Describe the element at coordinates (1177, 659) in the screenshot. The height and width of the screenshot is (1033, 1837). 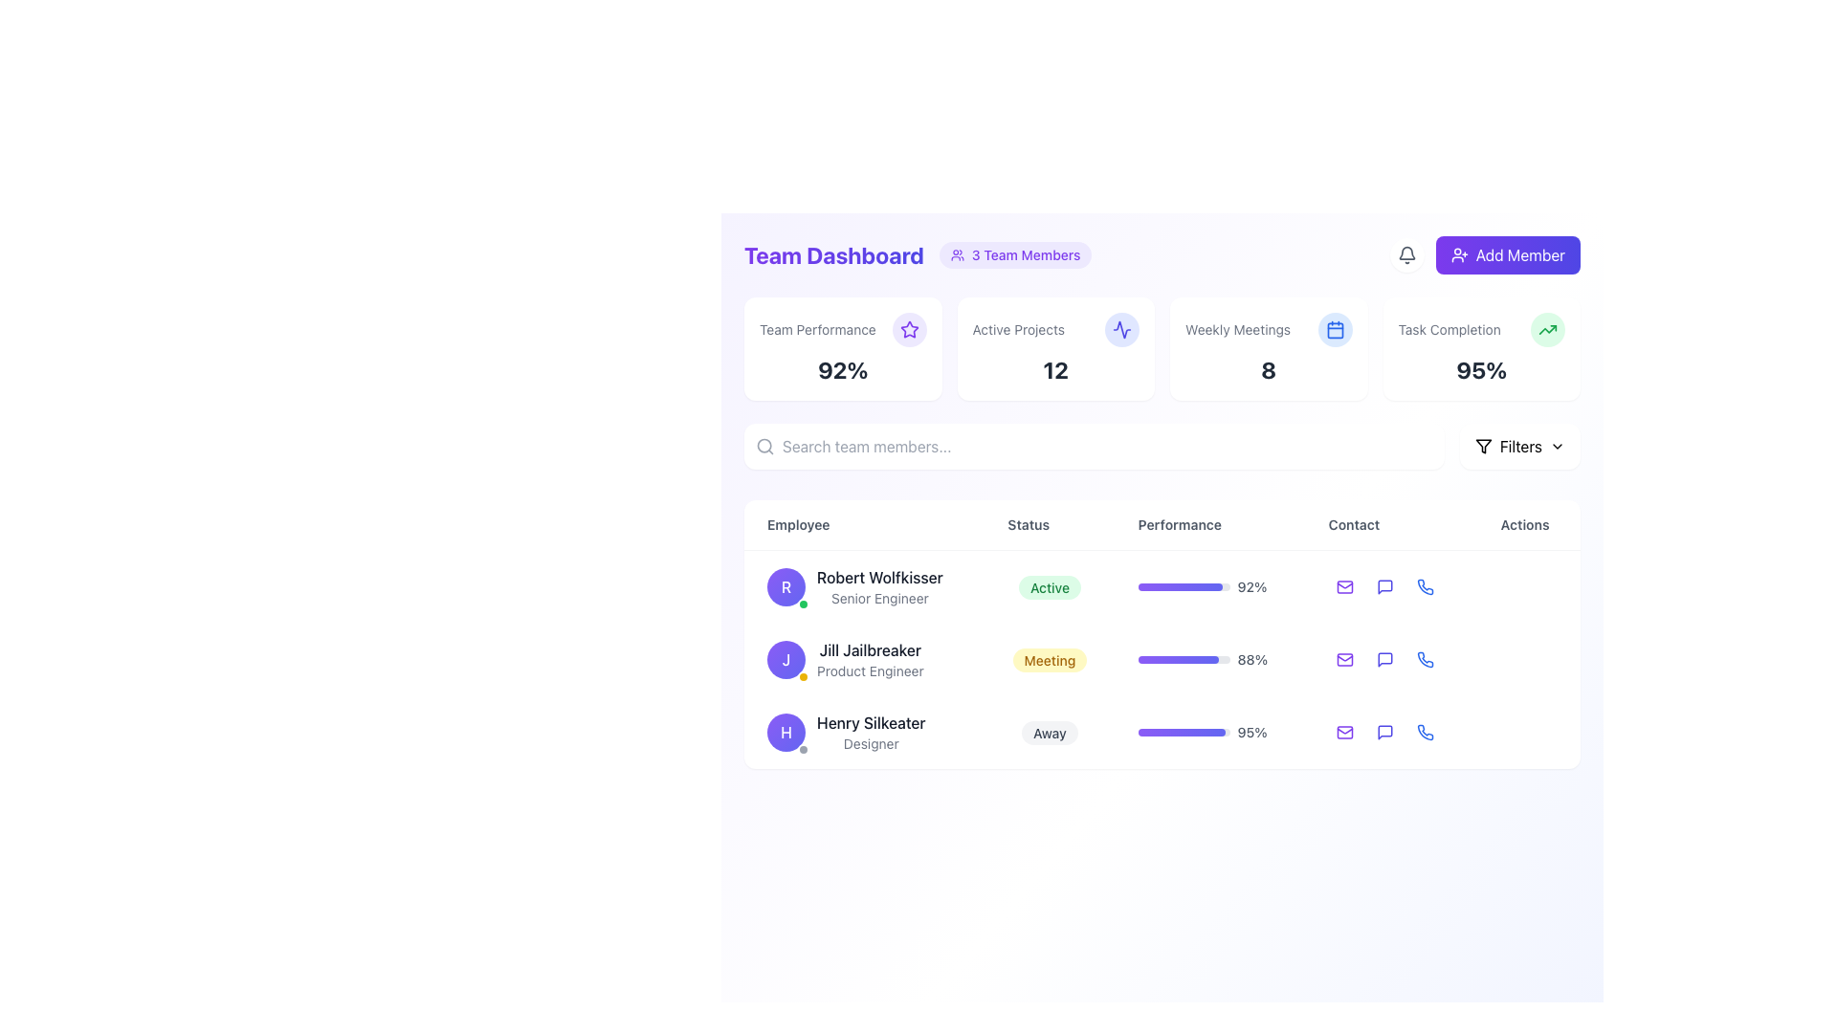
I see `the progress bar representing 88% completion for the row labeled 'Jill Jailbreaker' under the 'Performance' column in the table` at that location.